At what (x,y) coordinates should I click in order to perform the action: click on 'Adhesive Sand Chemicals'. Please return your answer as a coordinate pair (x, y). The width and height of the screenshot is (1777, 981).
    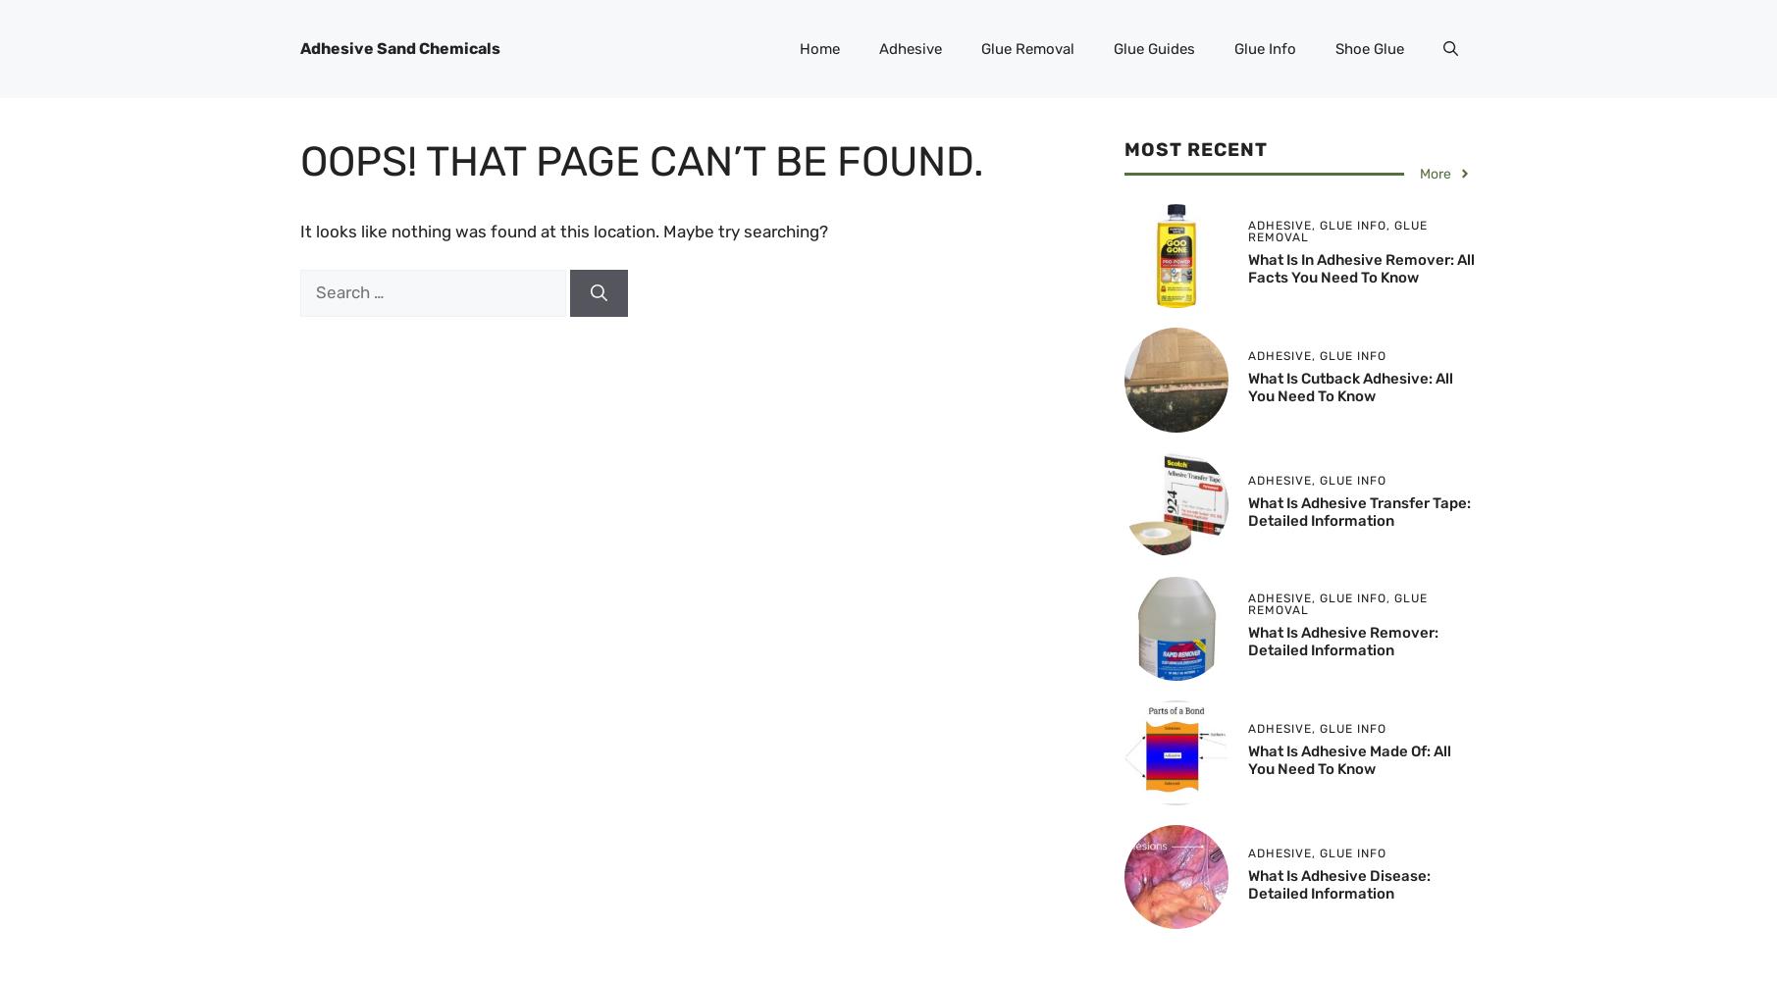
    Looking at the image, I should click on (297, 48).